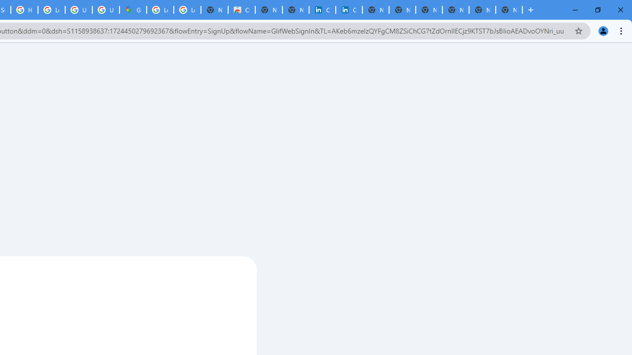  I want to click on 'New Tab', so click(509, 10).